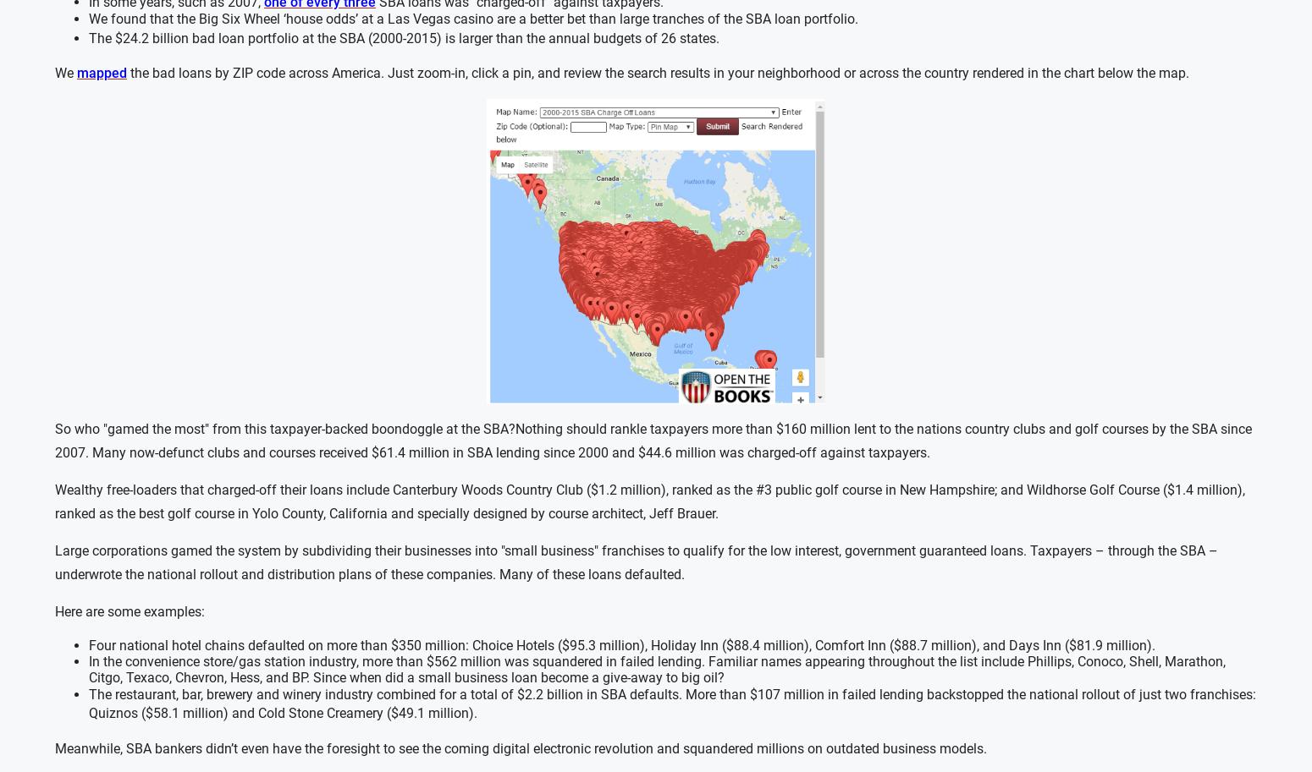 This screenshot has width=1312, height=772. I want to click on 'We', so click(64, 73).